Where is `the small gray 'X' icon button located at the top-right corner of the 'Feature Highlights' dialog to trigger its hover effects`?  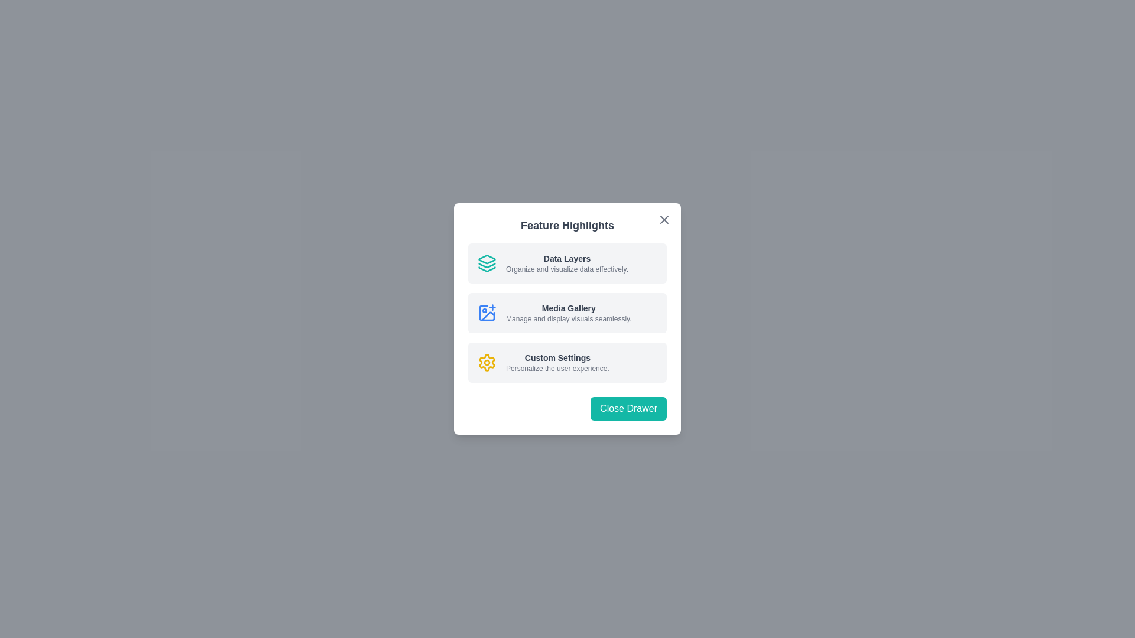
the small gray 'X' icon button located at the top-right corner of the 'Feature Highlights' dialog to trigger its hover effects is located at coordinates (664, 219).